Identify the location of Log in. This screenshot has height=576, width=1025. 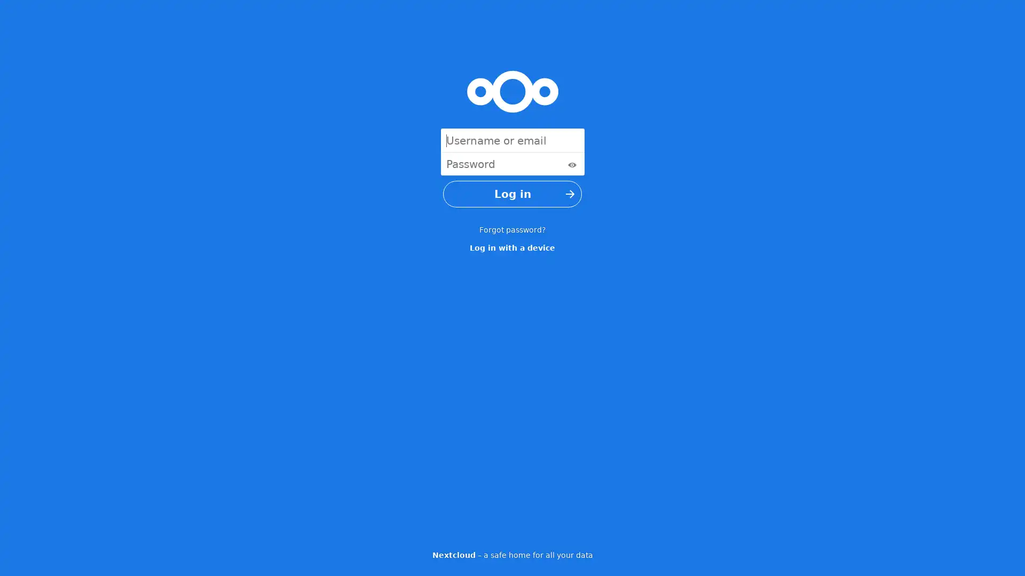
(512, 194).